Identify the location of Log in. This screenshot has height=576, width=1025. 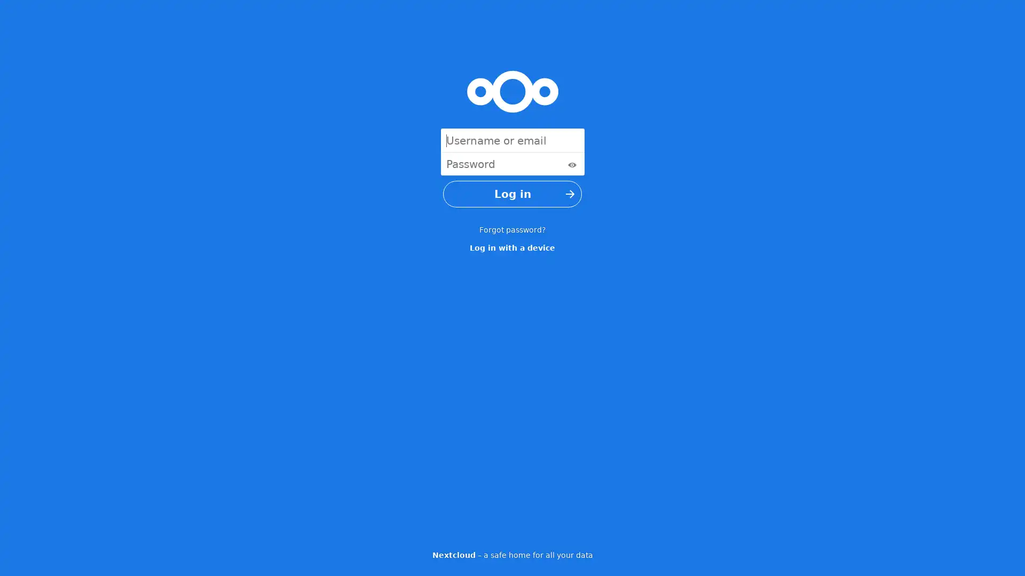
(512, 194).